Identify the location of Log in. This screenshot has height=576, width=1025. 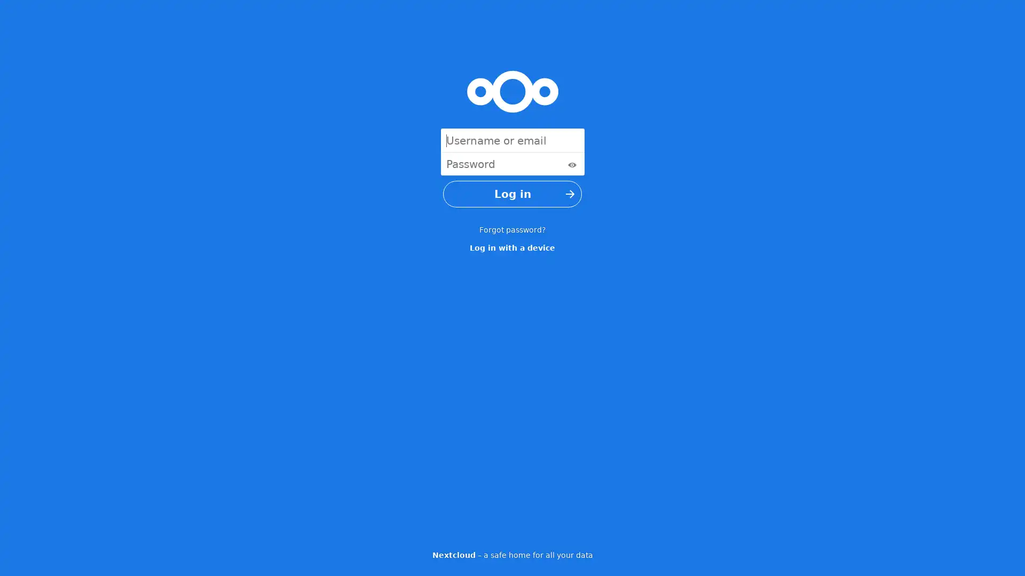
(512, 194).